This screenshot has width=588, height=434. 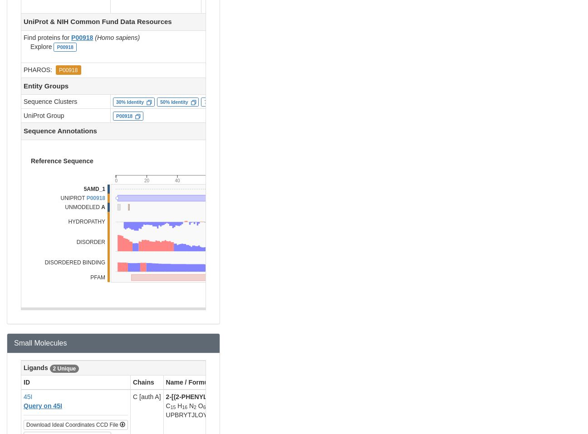 I want to click on 'H', so click(x=175, y=405).